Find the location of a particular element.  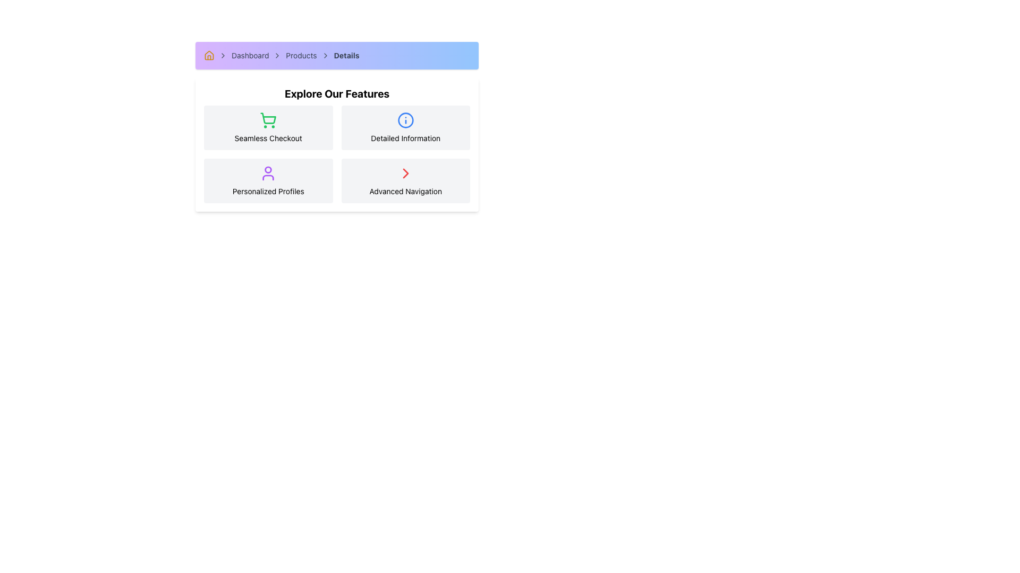

the yellow house icon that is the first item is located at coordinates (209, 55).